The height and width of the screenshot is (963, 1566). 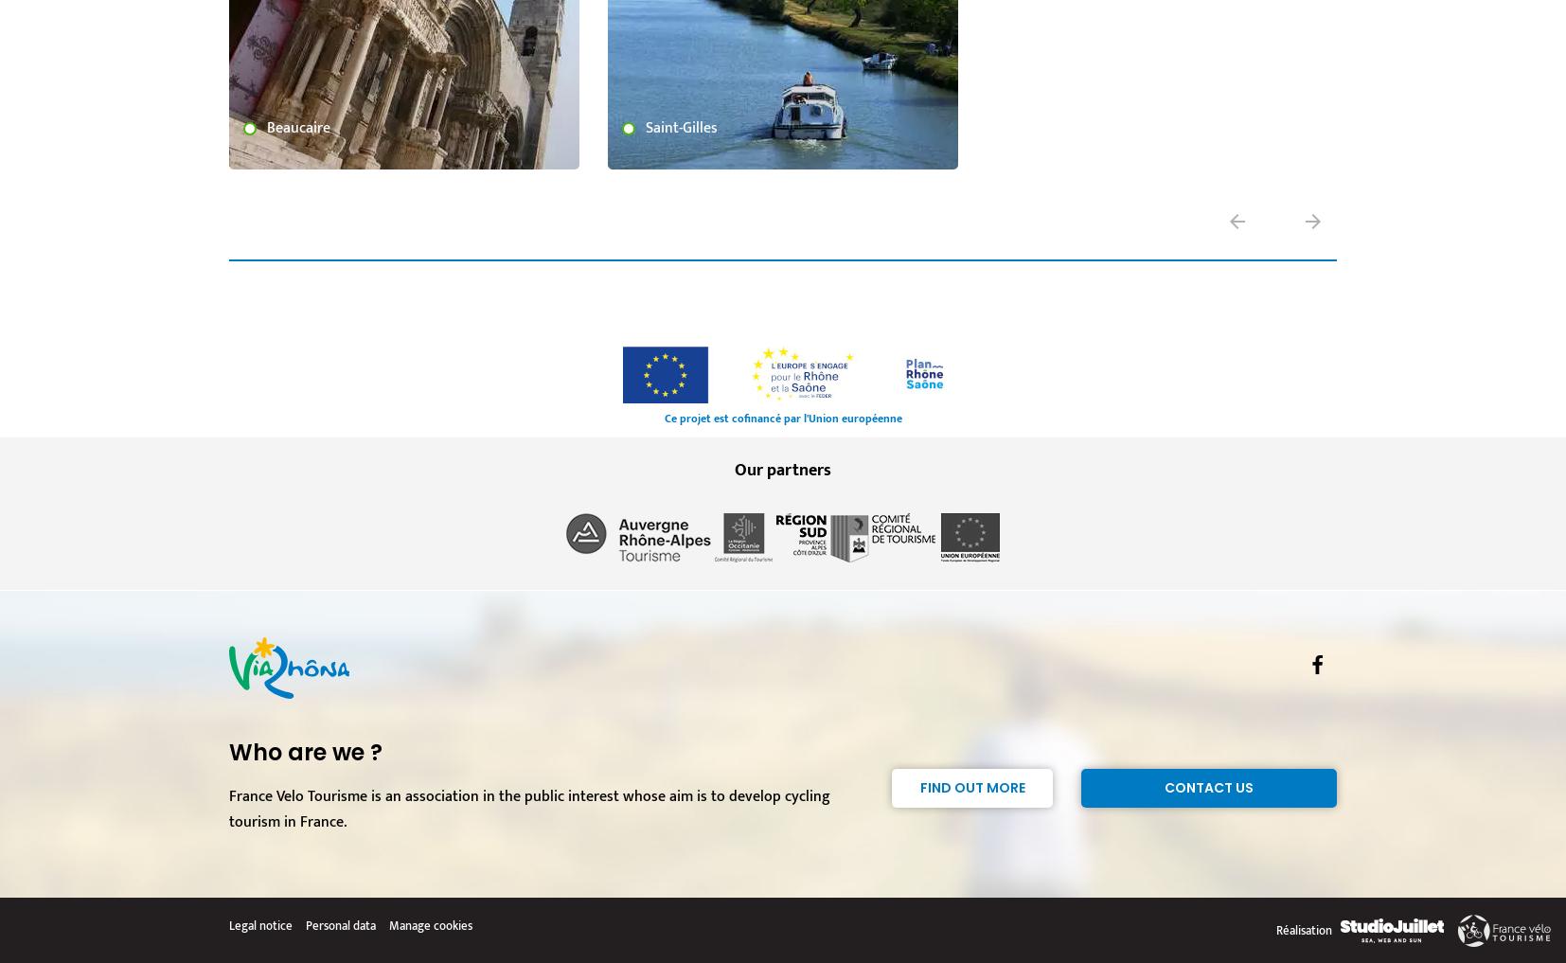 I want to click on 'Ce projet est cofinancé par l'Union européenne', so click(x=782, y=418).